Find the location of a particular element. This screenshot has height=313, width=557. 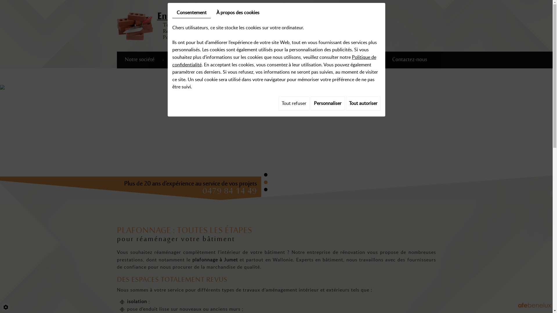

'Contactez-nous' is located at coordinates (409, 60).